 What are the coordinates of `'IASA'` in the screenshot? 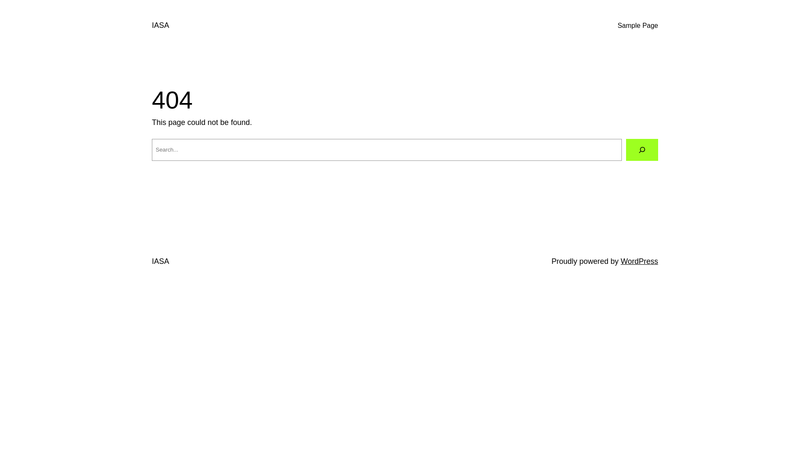 It's located at (152, 261).